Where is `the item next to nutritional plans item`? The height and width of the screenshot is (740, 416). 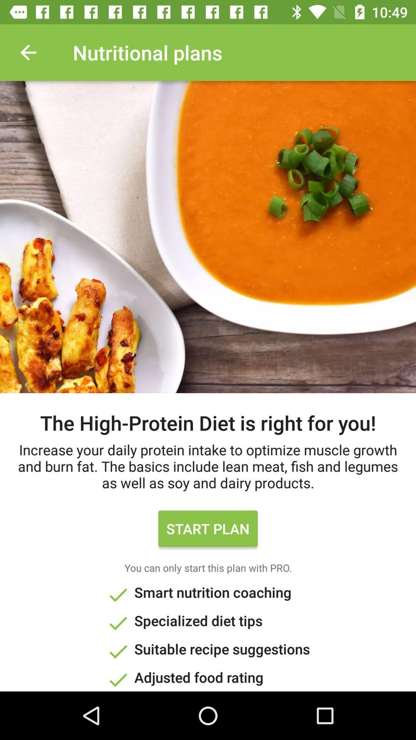 the item next to nutritional plans item is located at coordinates (28, 52).